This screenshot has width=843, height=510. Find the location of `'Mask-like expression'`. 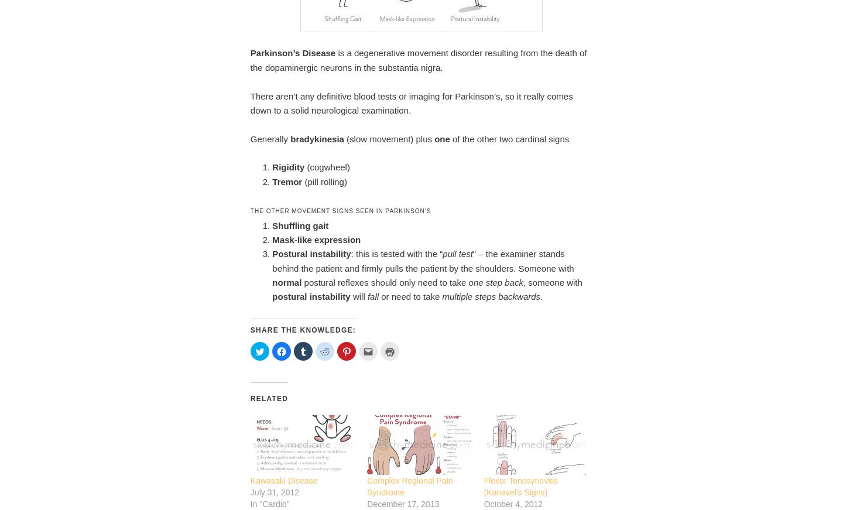

'Mask-like expression' is located at coordinates (316, 238).